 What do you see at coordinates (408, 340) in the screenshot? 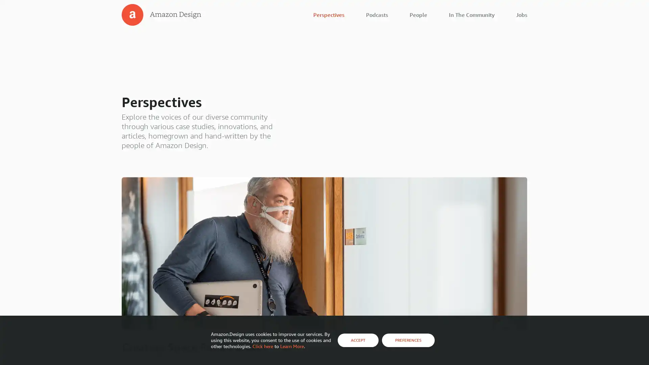
I see `PREFERENCES` at bounding box center [408, 340].